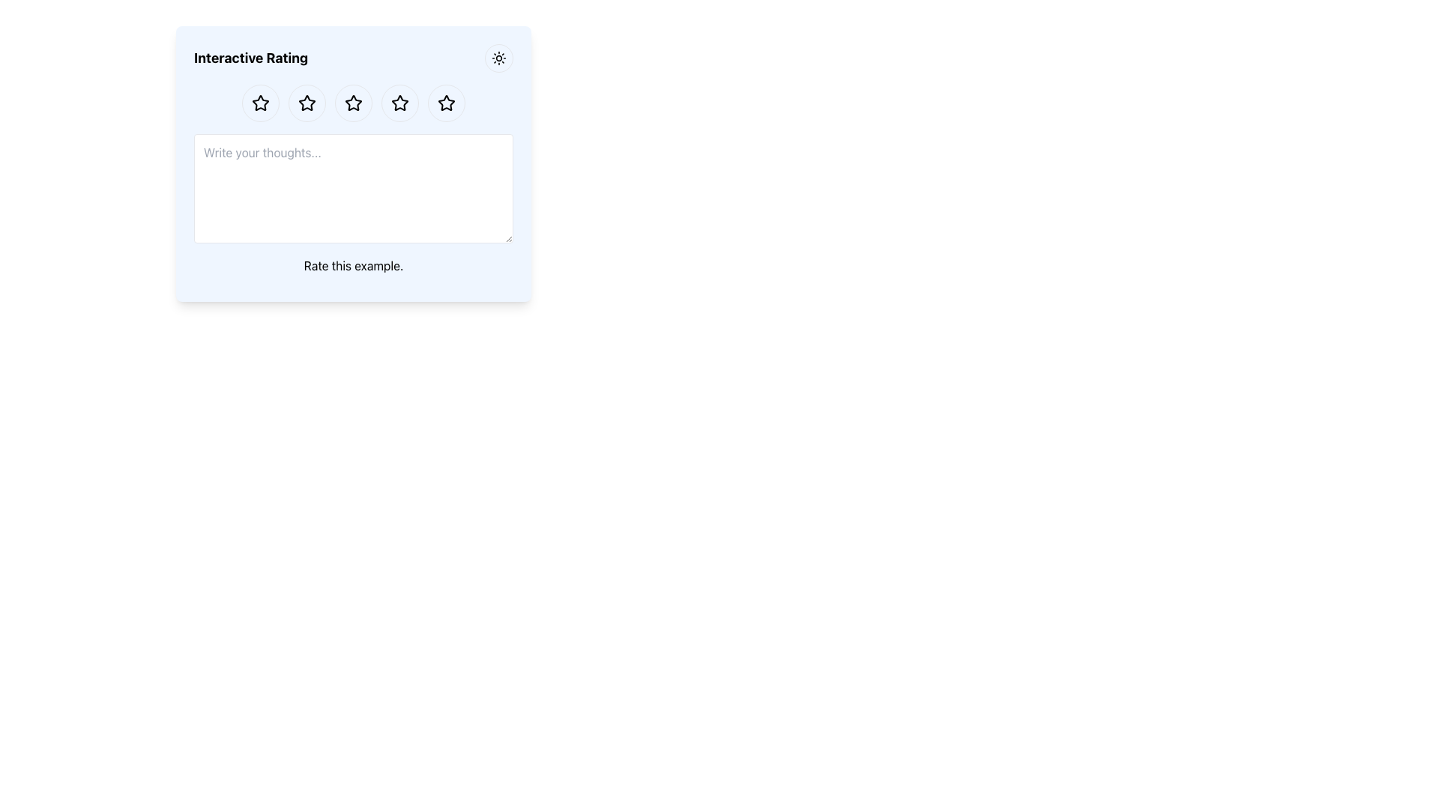 The height and width of the screenshot is (809, 1439). I want to click on the fifth star-shaped rating button in the rating interface, so click(399, 103).